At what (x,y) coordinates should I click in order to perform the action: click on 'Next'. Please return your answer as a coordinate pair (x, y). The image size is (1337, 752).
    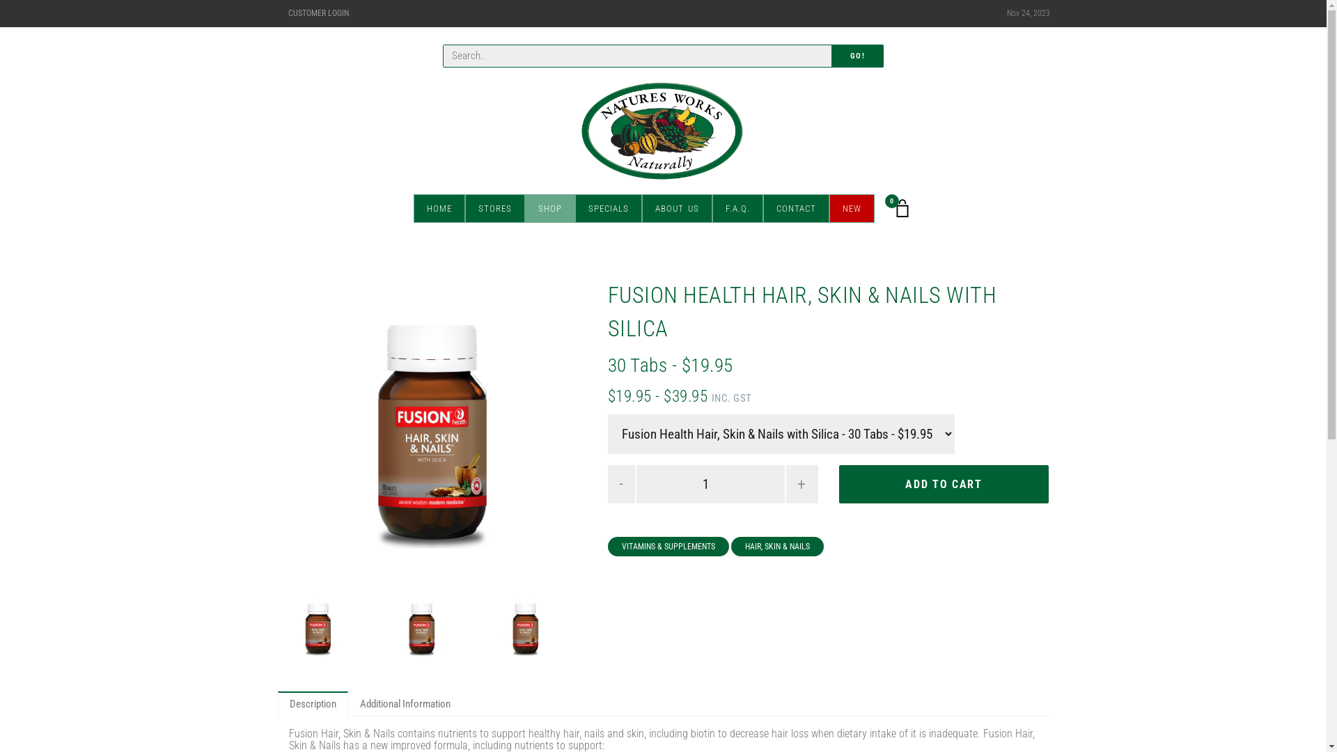
    Looking at the image, I should click on (564, 433).